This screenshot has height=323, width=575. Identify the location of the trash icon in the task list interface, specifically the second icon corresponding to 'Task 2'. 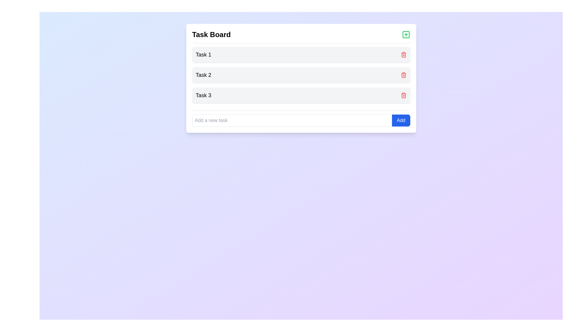
(403, 55).